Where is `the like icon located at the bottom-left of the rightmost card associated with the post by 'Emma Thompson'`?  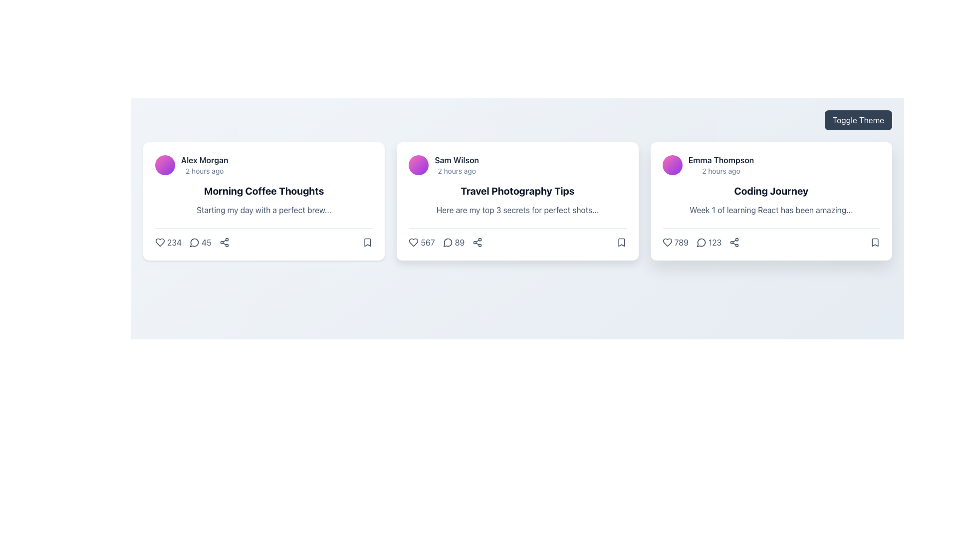 the like icon located at the bottom-left of the rightmost card associated with the post by 'Emma Thompson' is located at coordinates (667, 243).